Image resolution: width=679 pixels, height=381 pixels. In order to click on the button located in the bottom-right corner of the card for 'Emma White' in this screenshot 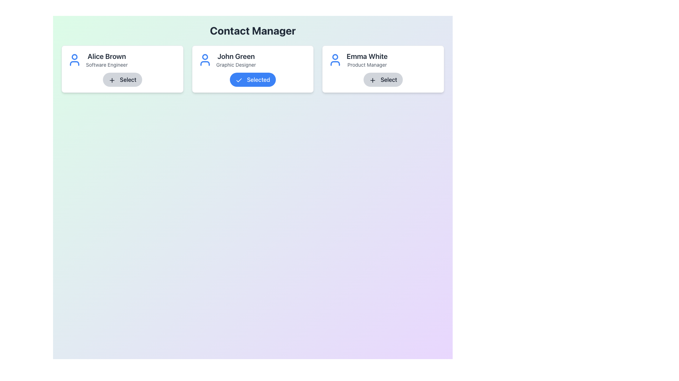, I will do `click(383, 79)`.